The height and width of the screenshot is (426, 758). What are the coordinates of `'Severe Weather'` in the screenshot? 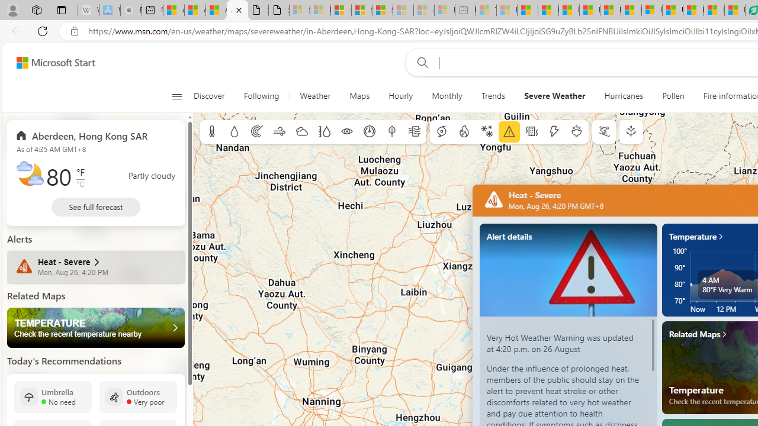 It's located at (554, 96).